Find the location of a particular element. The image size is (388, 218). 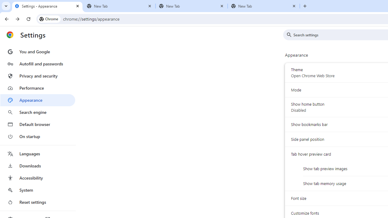

'Privacy and security' is located at coordinates (37, 75).